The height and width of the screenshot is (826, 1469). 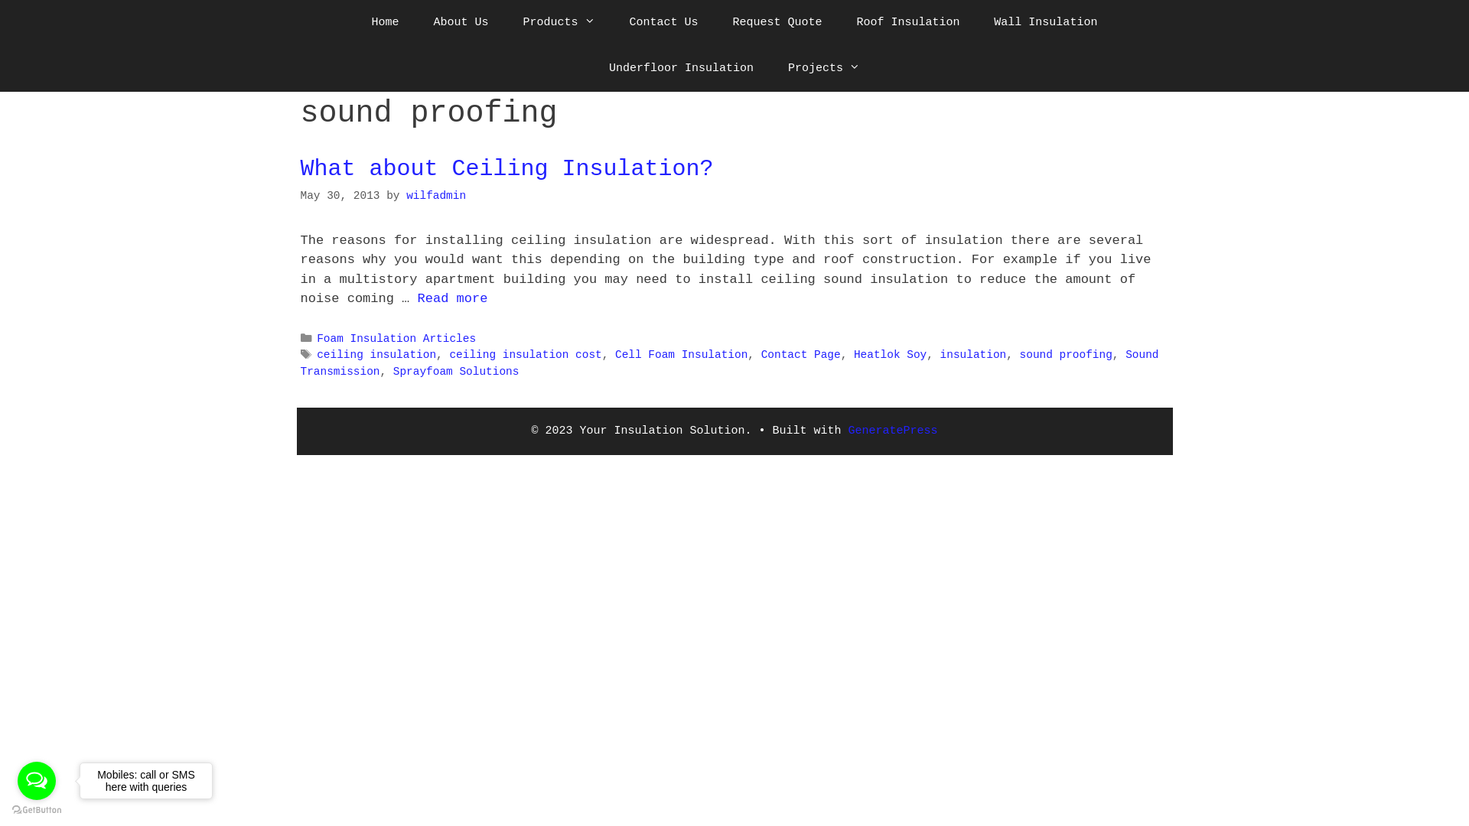 What do you see at coordinates (455, 372) in the screenshot?
I see `'Sprayfoam Solutions'` at bounding box center [455, 372].